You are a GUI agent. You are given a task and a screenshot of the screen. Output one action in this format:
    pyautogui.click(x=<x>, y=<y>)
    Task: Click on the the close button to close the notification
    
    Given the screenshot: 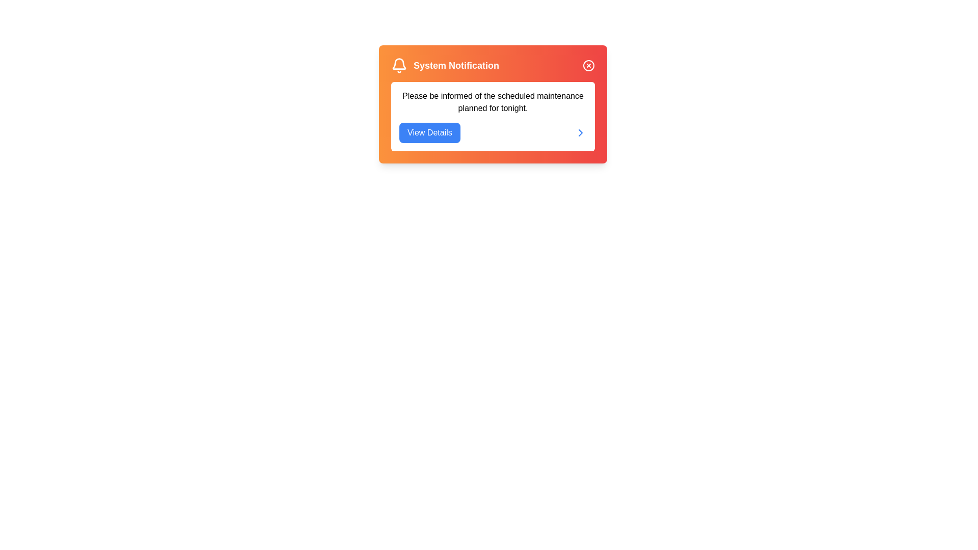 What is the action you would take?
    pyautogui.click(x=589, y=65)
    